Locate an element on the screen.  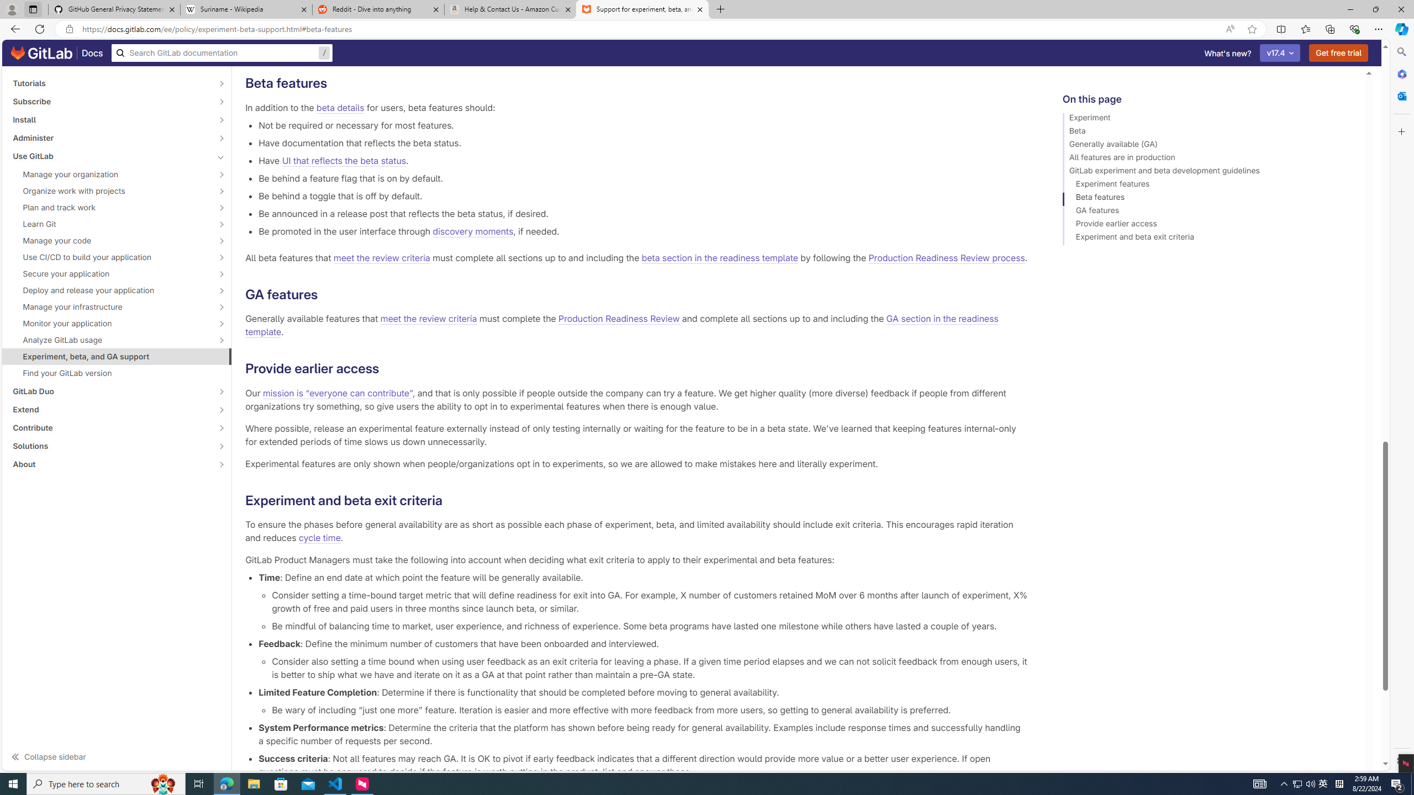
'Experiment' is located at coordinates (1209, 119).